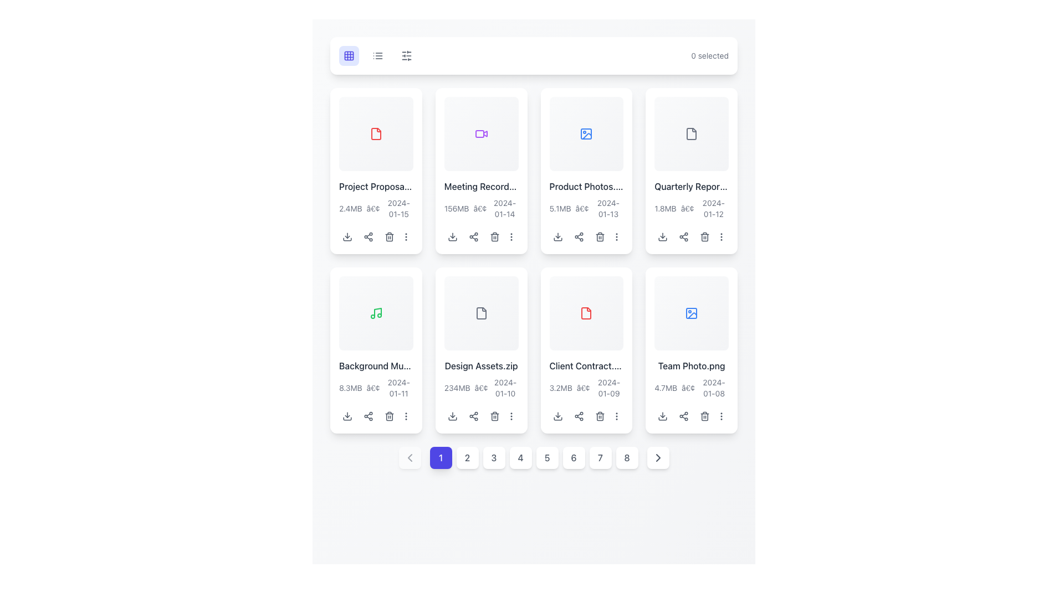 Image resolution: width=1064 pixels, height=598 pixels. What do you see at coordinates (452, 416) in the screenshot?
I see `the download icon button, which is a small downward-pointing arrow within a rounded square, located below the file card for 'Design Assets.zip' to initiate a download action` at bounding box center [452, 416].